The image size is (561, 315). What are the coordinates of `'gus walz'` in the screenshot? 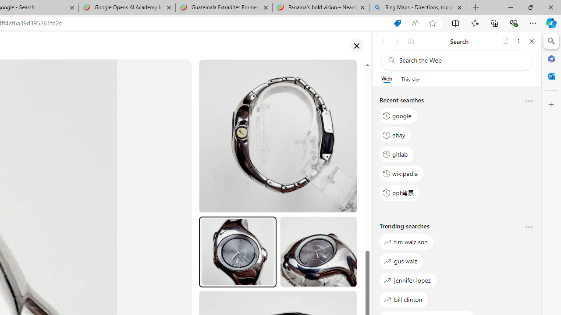 It's located at (401, 260).